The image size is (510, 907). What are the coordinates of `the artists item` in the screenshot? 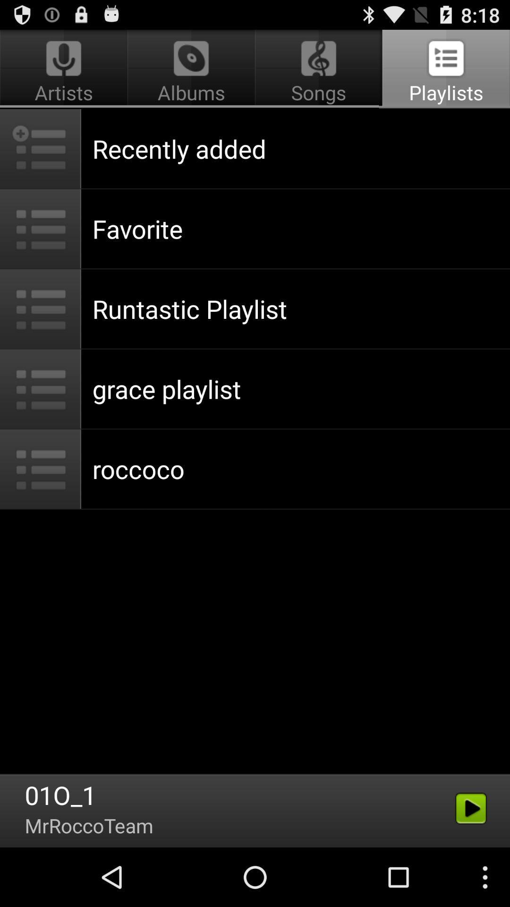 It's located at (65, 69).